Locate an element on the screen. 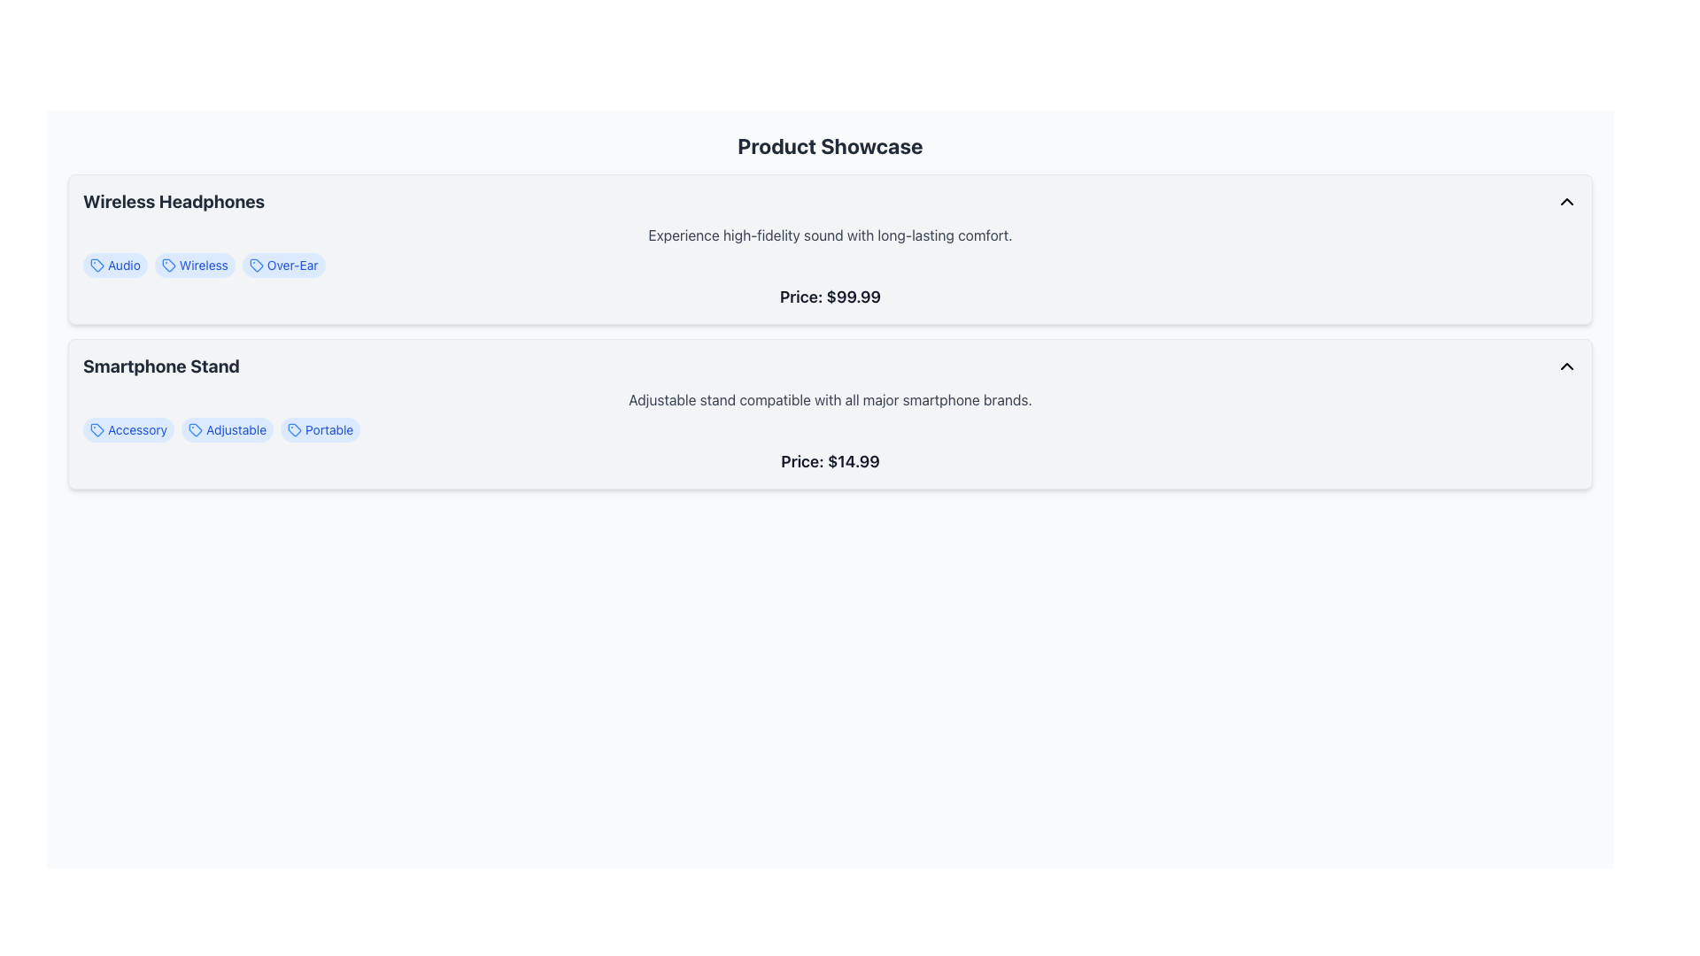 The height and width of the screenshot is (956, 1700). the price text label displaying the price of the 'Smartphone Stand' product, located at the bottom of its section is located at coordinates (829, 460).